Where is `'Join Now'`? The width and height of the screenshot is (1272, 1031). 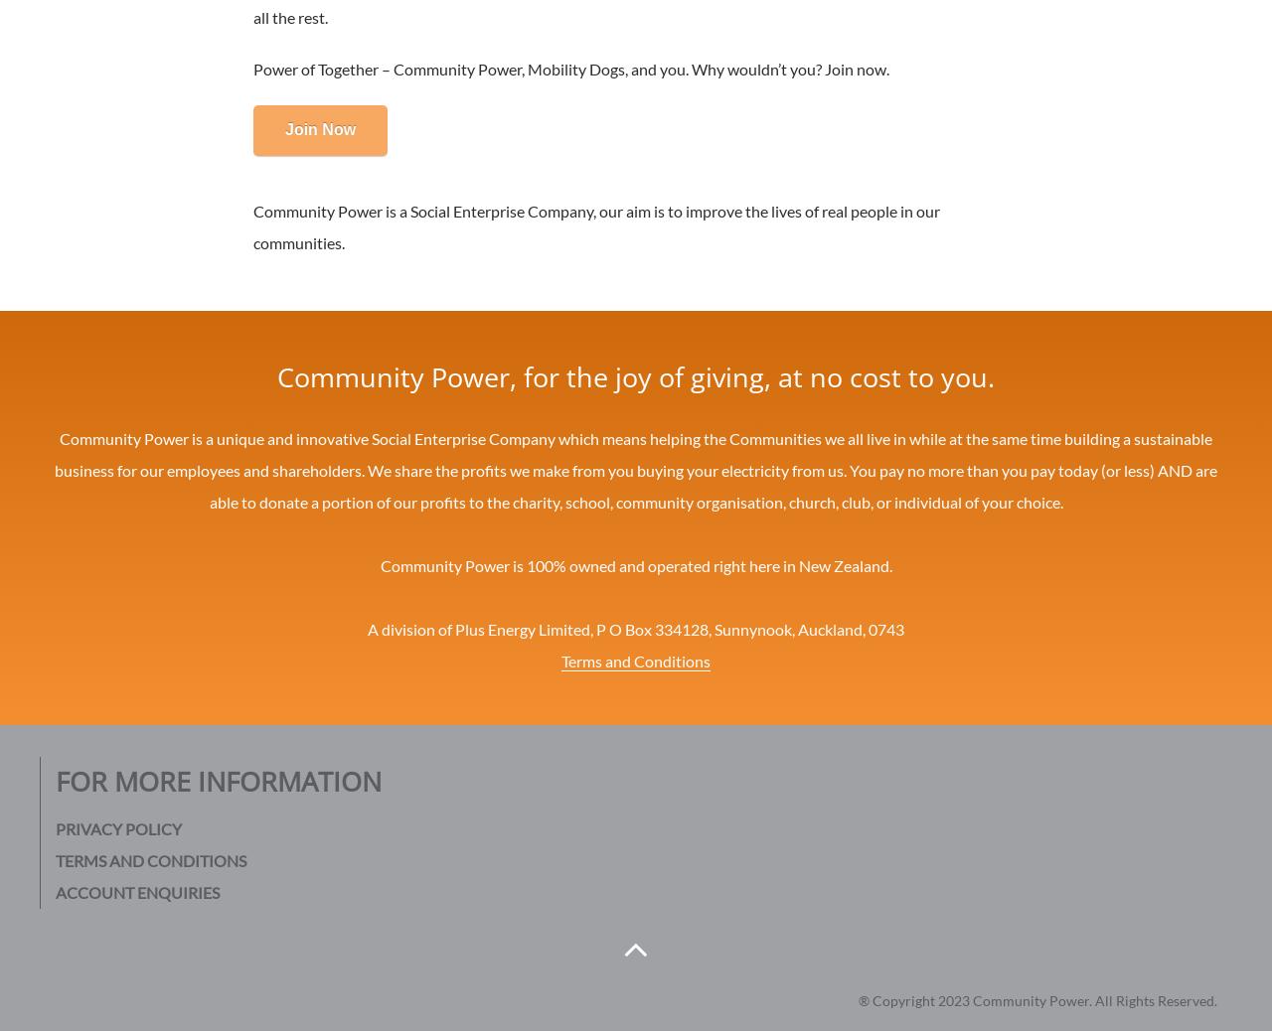 'Join Now' is located at coordinates (320, 128).